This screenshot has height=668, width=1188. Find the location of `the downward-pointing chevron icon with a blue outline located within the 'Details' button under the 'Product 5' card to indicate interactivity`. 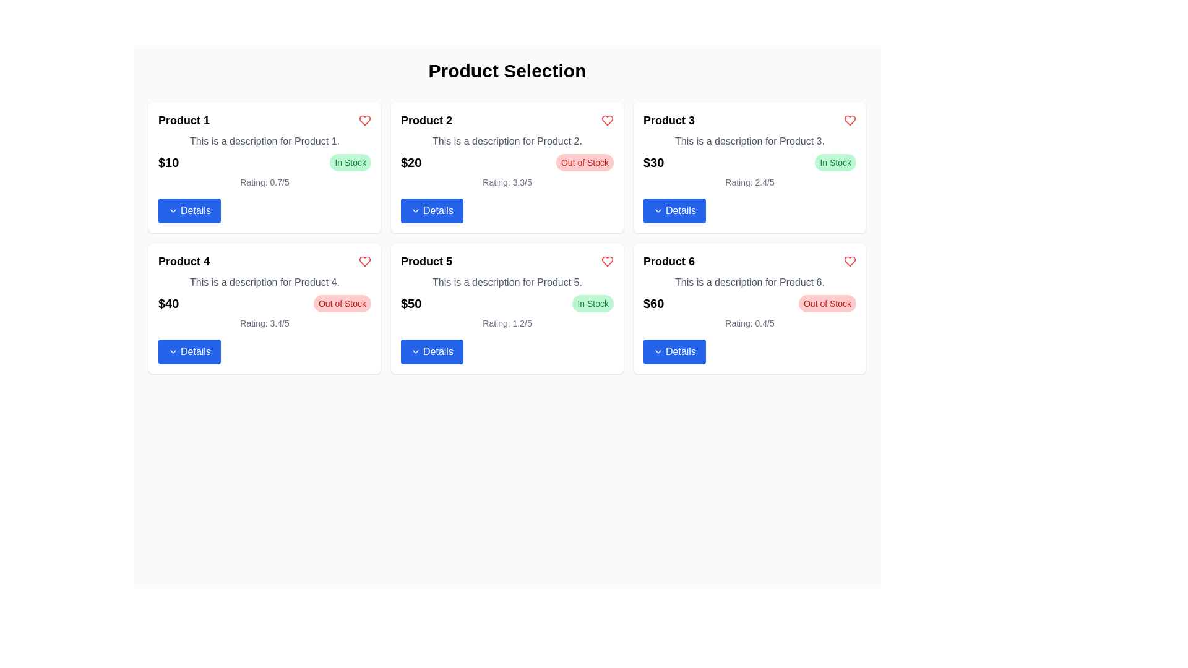

the downward-pointing chevron icon with a blue outline located within the 'Details' button under the 'Product 5' card to indicate interactivity is located at coordinates (416, 352).